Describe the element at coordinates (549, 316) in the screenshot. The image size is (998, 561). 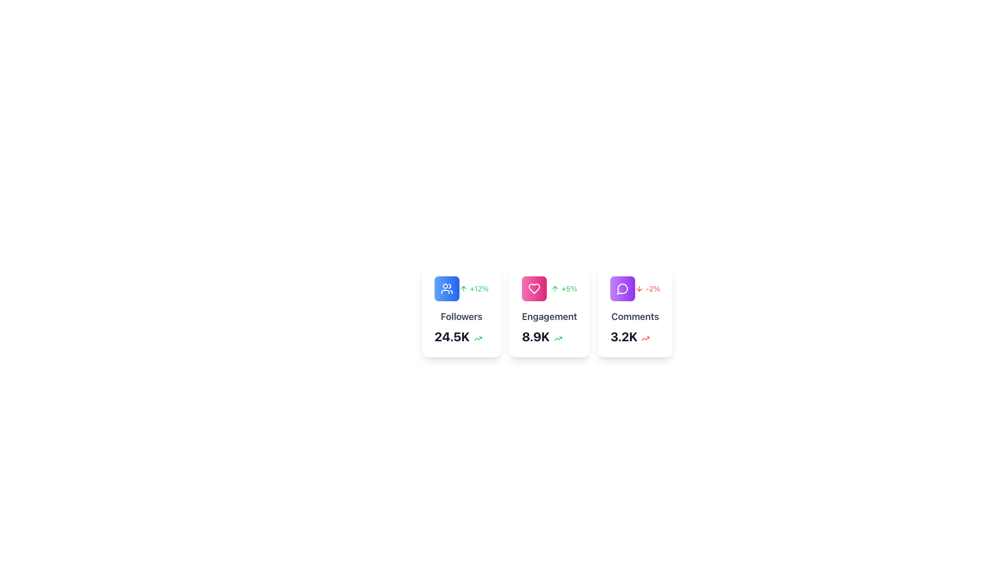
I see `displayed text from the 'Engagement' label, which is a bold, modern sans-serif text in medium gray color, centrally positioned below the heart icon in the second card of a horizontally-aligned group` at that location.